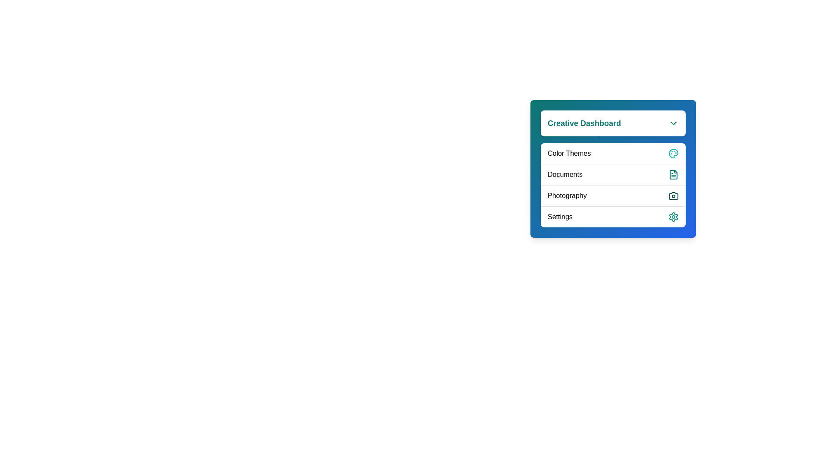 The image size is (828, 466). What do you see at coordinates (612, 153) in the screenshot?
I see `the 'Color Themes' menu option` at bounding box center [612, 153].